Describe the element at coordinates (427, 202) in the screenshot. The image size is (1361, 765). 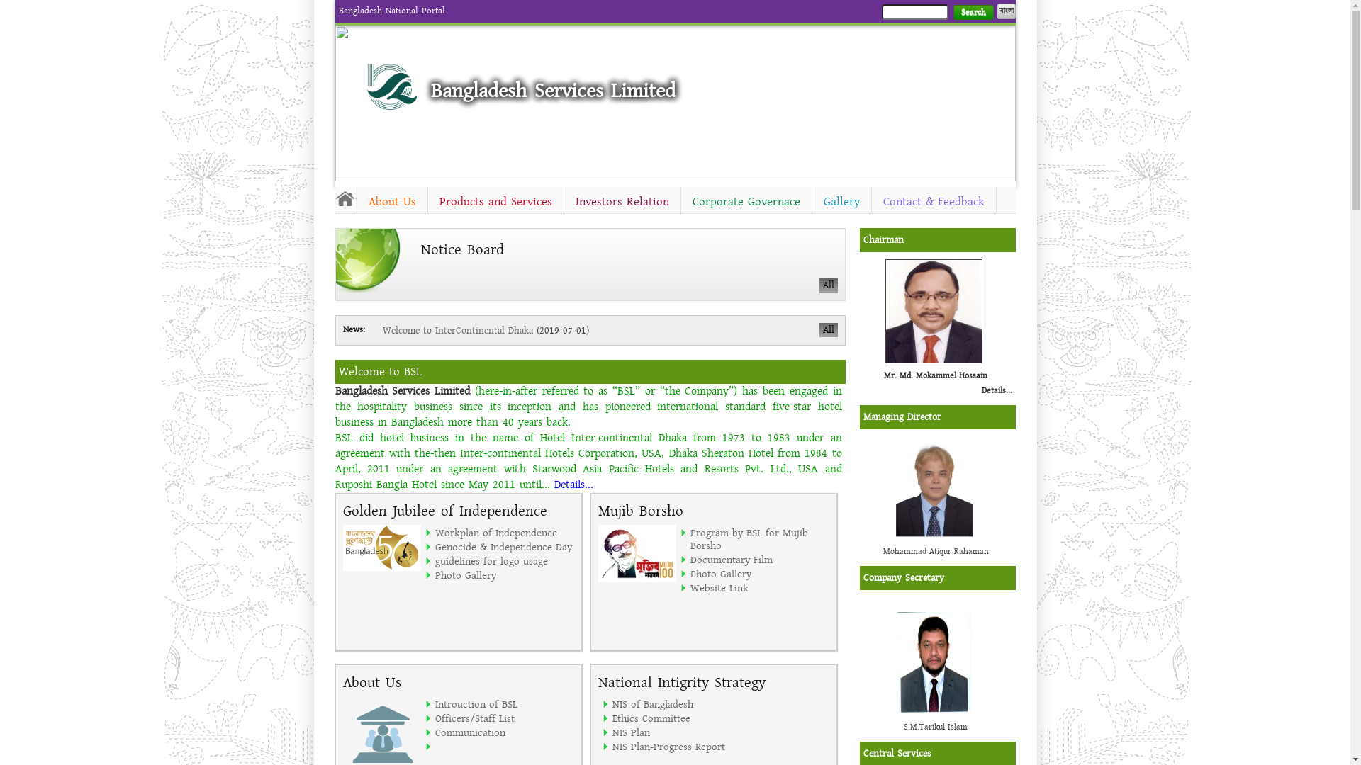
I see `'Products and Services'` at that location.